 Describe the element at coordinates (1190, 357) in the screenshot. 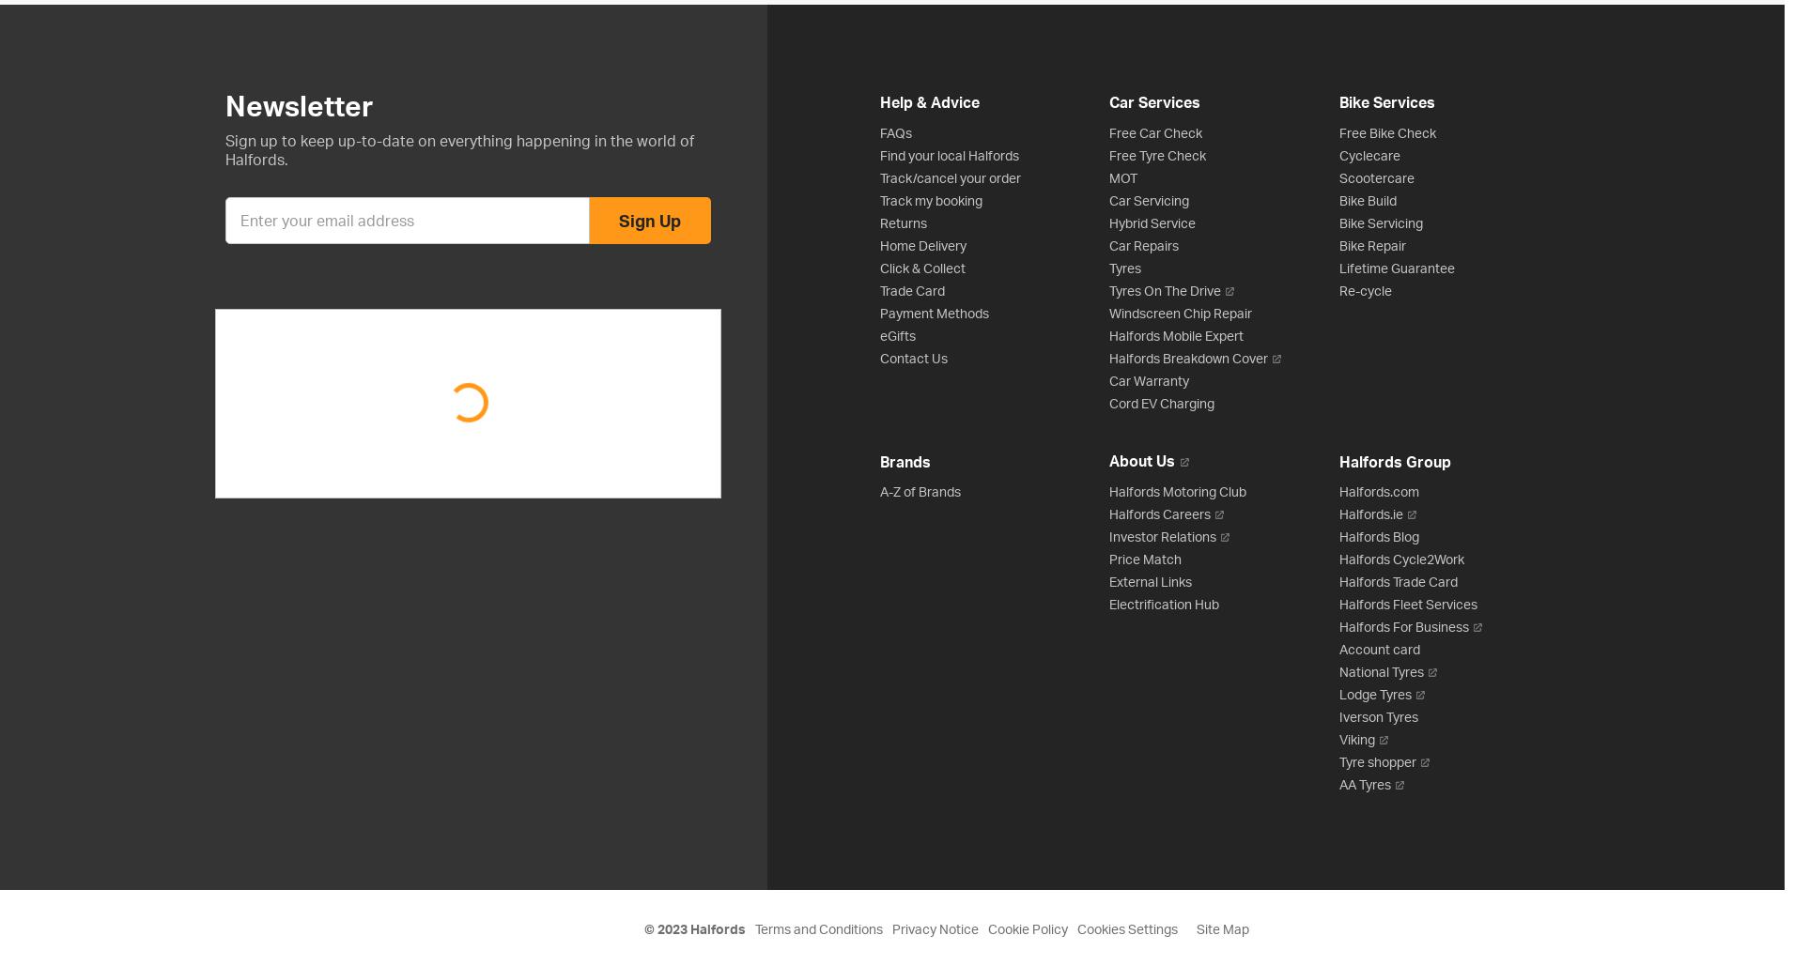

I see `'Halfords Breakdown Cover'` at that location.